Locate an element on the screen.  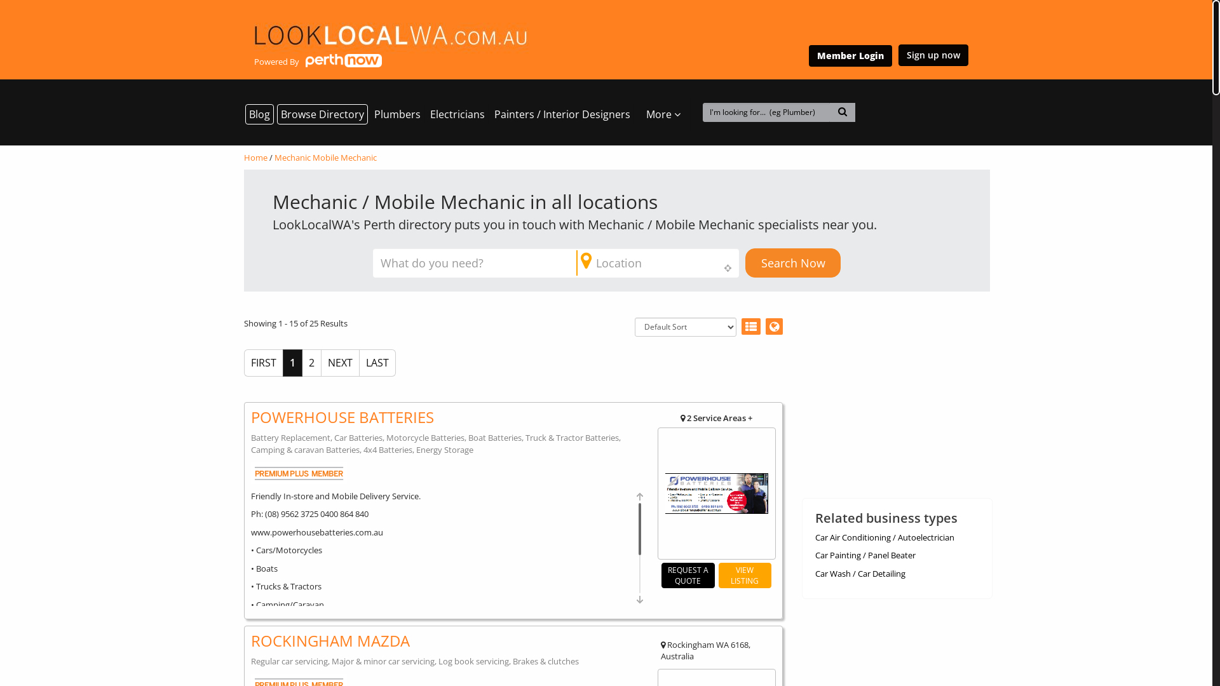
'Car Painting / Panel Beater' is located at coordinates (864, 555).